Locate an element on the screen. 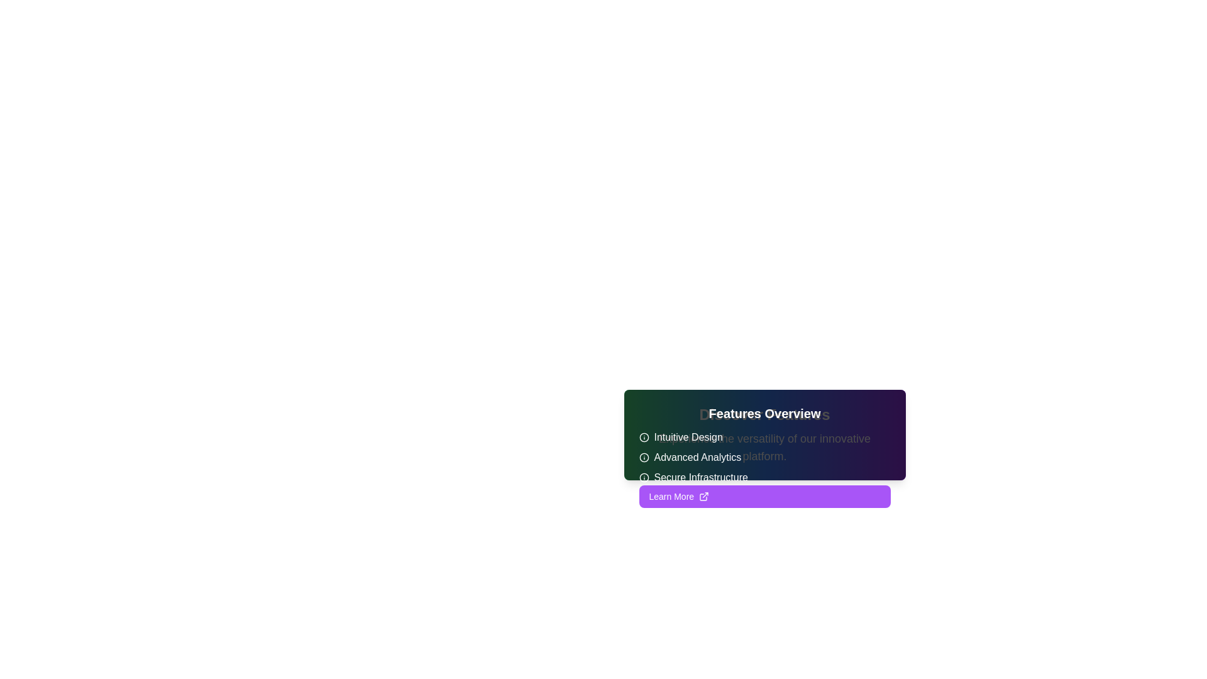 This screenshot has height=679, width=1207. the 'Secure Infrastructure' text with icon, which is styled in white on a dark gradient background and is the third item in the list under 'Features Overview' is located at coordinates (764, 477).